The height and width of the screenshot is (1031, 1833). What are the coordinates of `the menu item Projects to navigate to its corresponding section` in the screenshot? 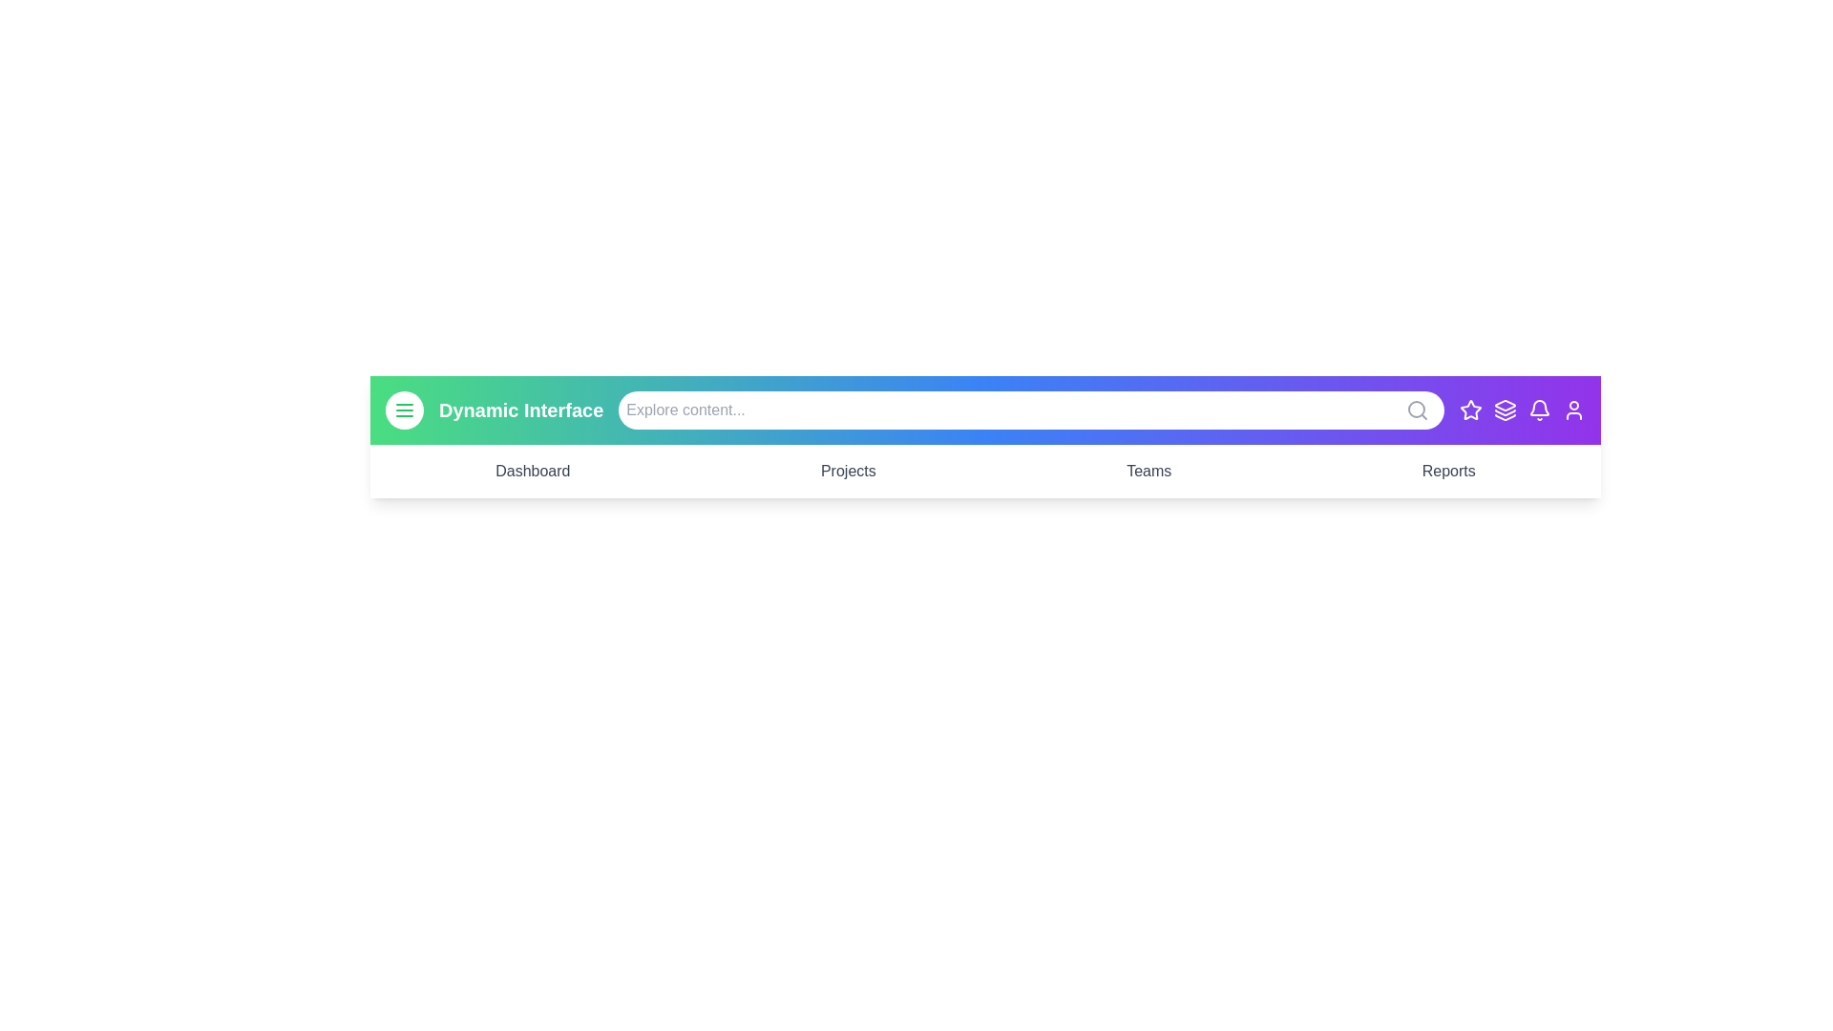 It's located at (847, 471).